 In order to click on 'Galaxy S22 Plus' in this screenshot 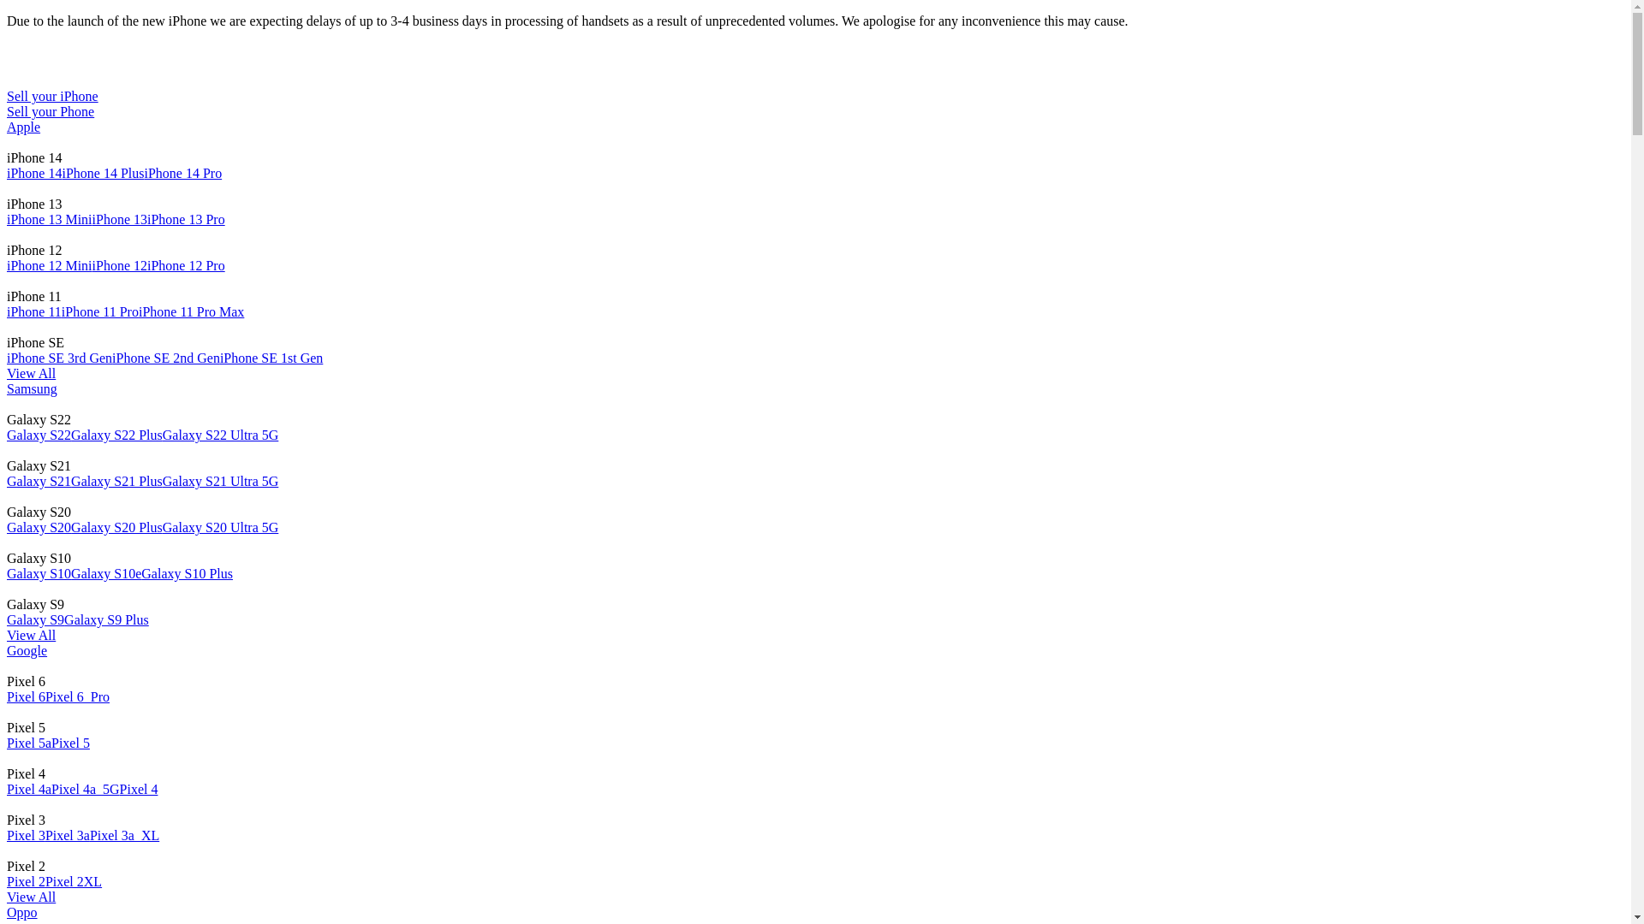, I will do `click(69, 434)`.